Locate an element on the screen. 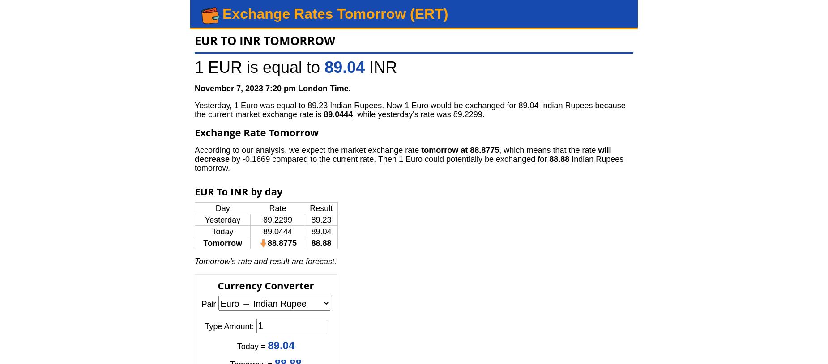 The image size is (828, 364). 'Day' is located at coordinates (215, 207).